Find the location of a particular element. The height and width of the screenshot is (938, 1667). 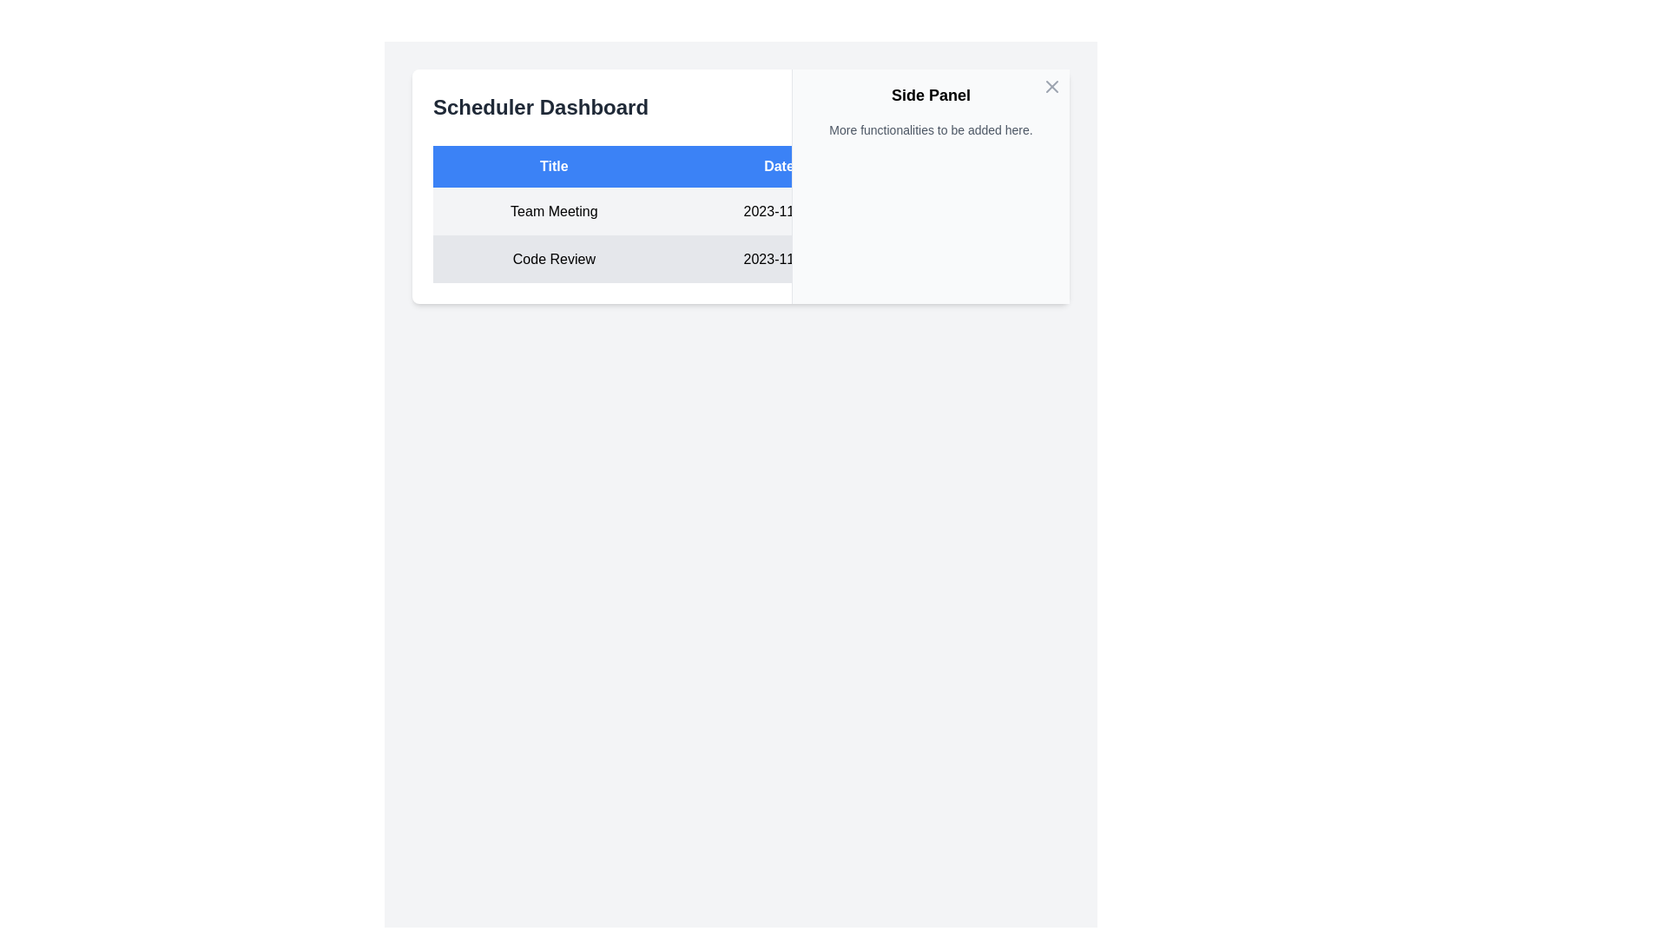

the 'Date' text label, which is styled with a blue background and white text, located in the header section of a table, positioned between 'Title' and 'Actions' is located at coordinates (778, 167).